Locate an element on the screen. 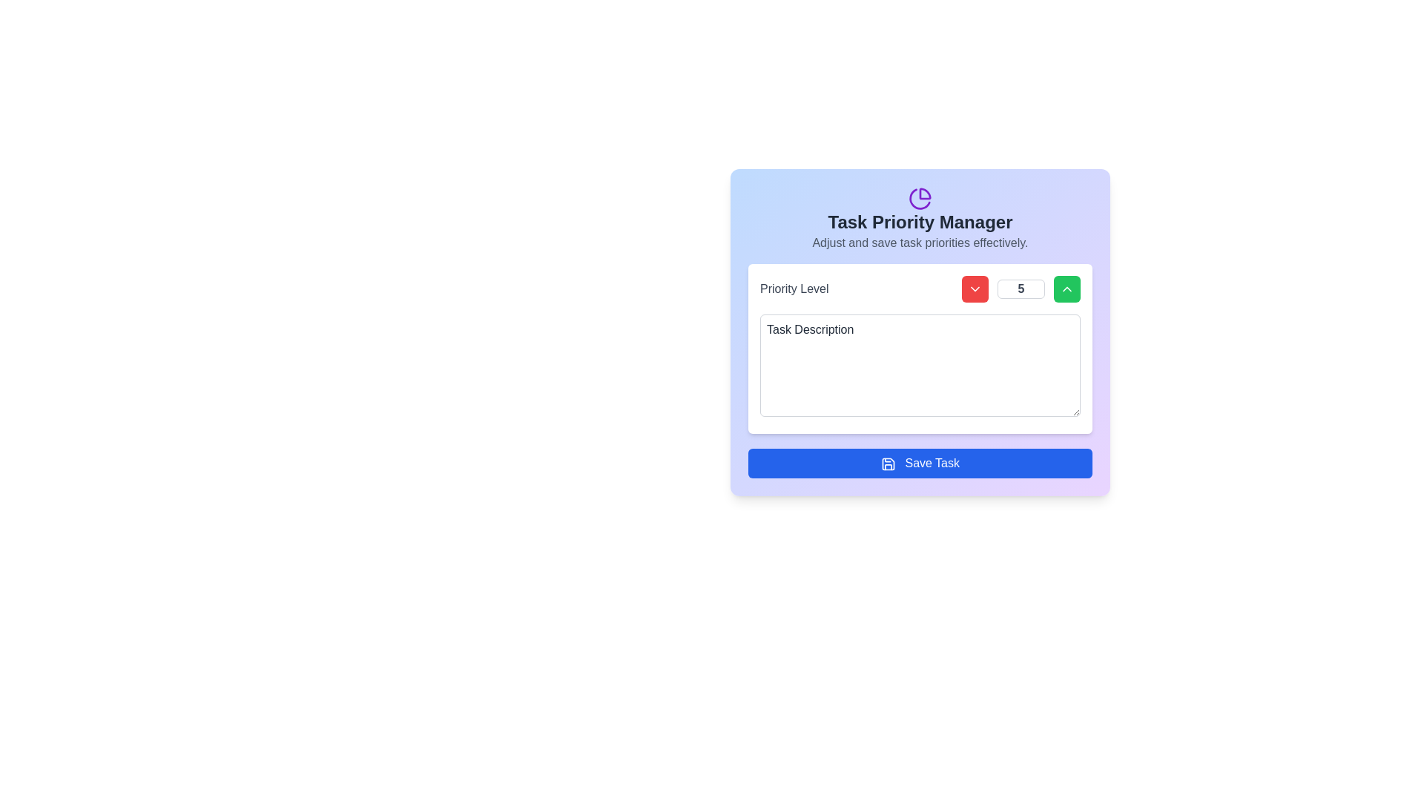 The image size is (1424, 801). the primary background shape of the 'Save Task' button located at the bottom center of the panel in the interface is located at coordinates (889, 463).